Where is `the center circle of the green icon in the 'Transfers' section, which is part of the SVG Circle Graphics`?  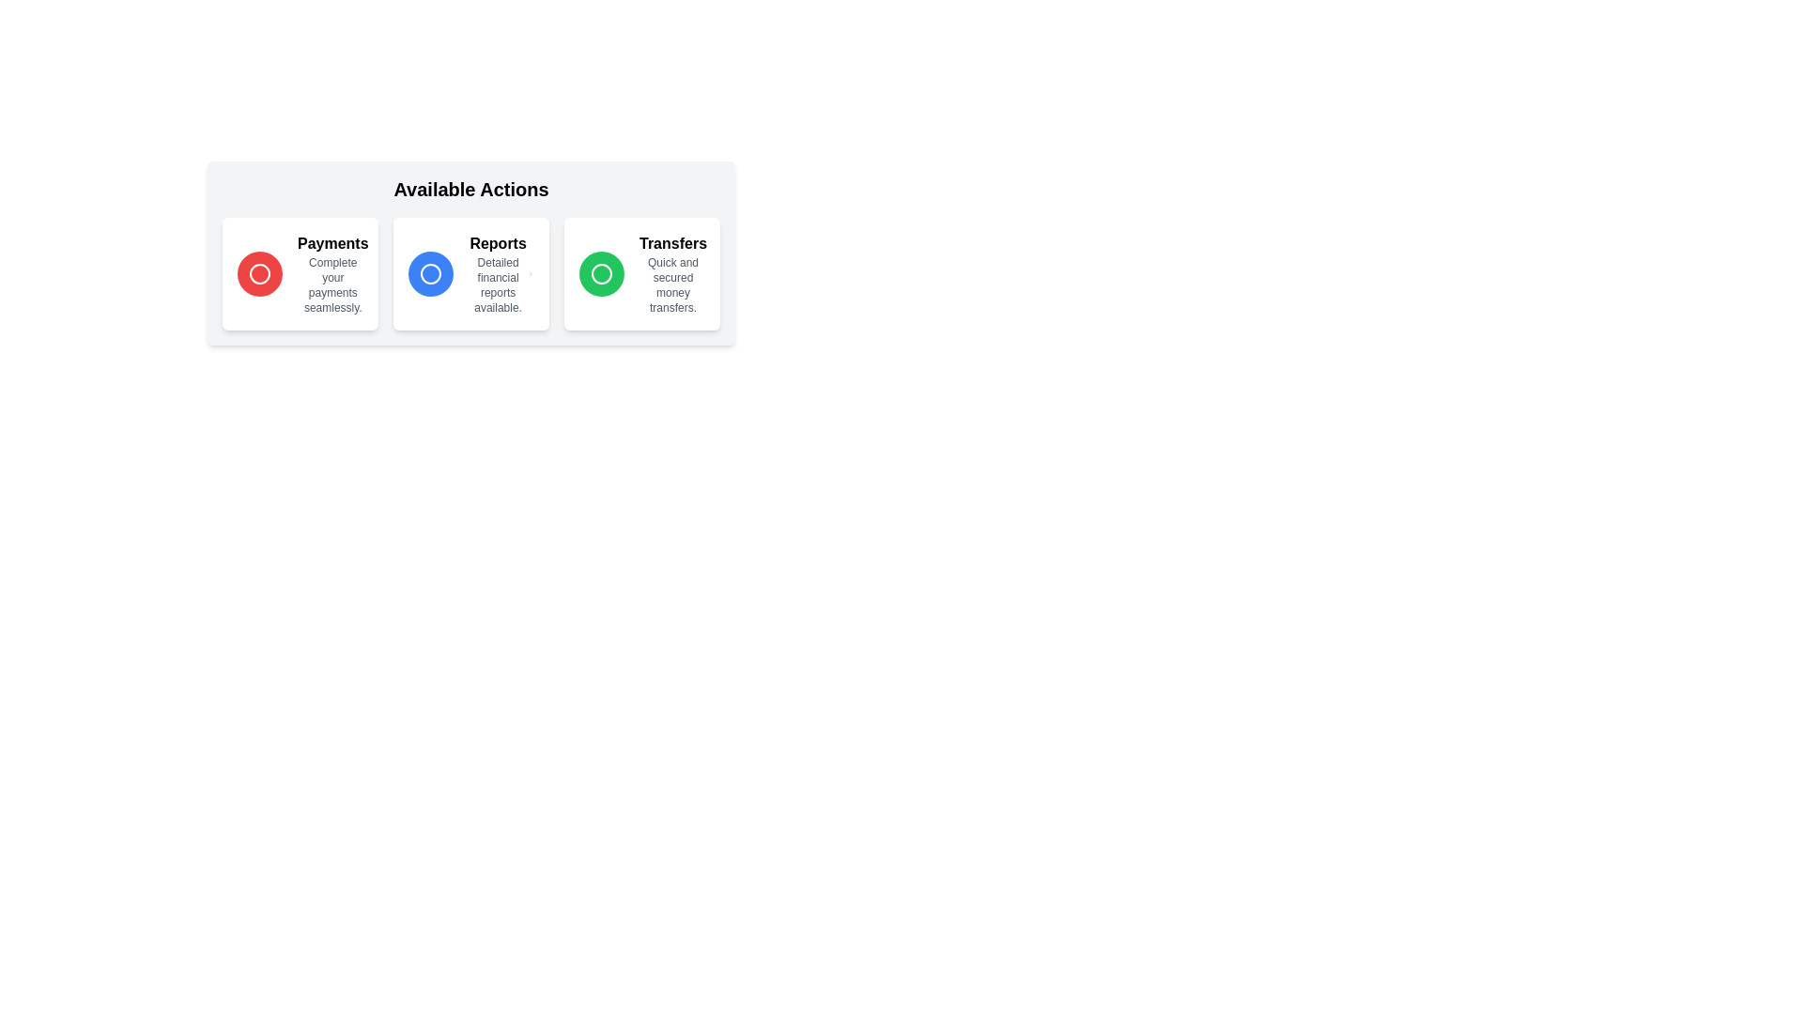 the center circle of the green icon in the 'Transfers' section, which is part of the SVG Circle Graphics is located at coordinates (602, 274).